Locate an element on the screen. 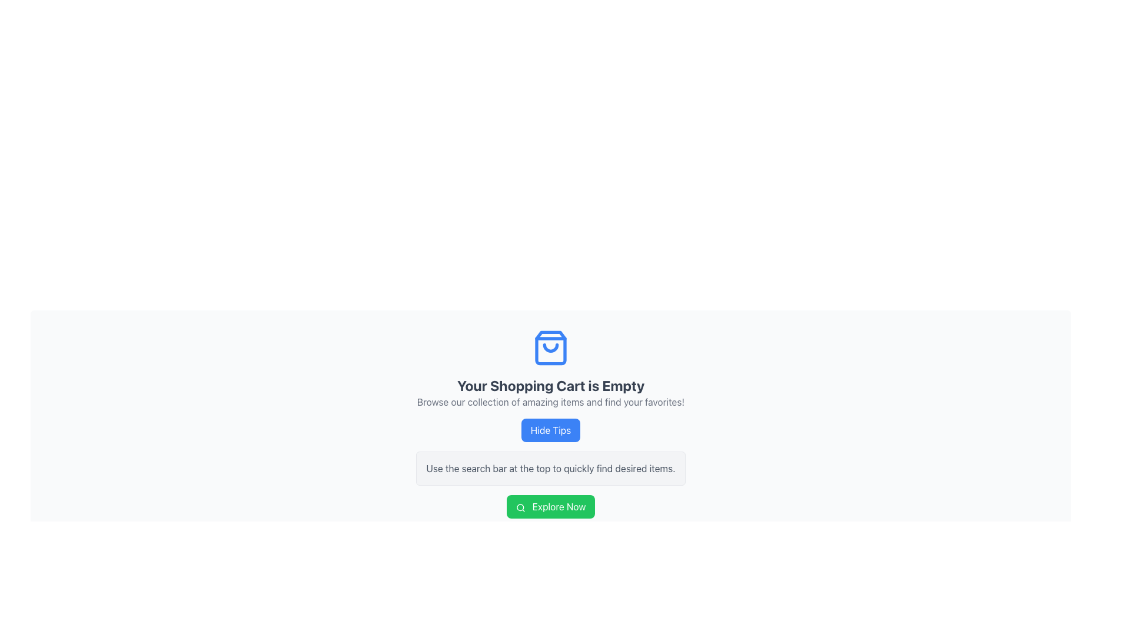 The width and height of the screenshot is (1130, 635). the Circle SVG graphical element that is part of a larger icon, enhancing its visual representation is located at coordinates (519, 507).